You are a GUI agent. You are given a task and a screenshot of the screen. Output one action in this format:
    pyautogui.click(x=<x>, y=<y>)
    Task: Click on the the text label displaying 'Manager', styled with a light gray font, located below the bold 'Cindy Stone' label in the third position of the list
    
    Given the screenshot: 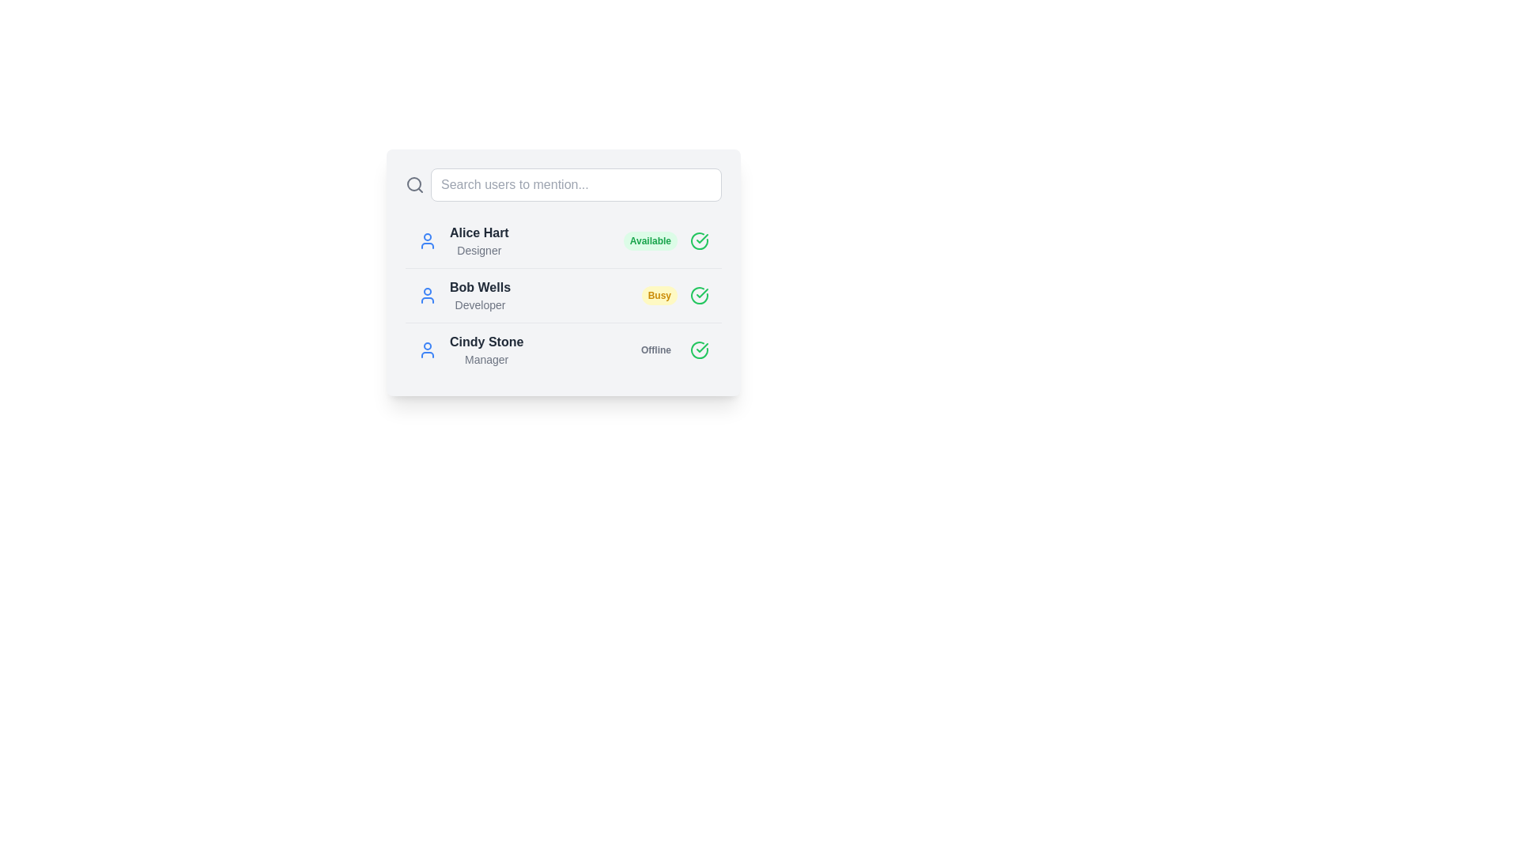 What is the action you would take?
    pyautogui.click(x=485, y=360)
    